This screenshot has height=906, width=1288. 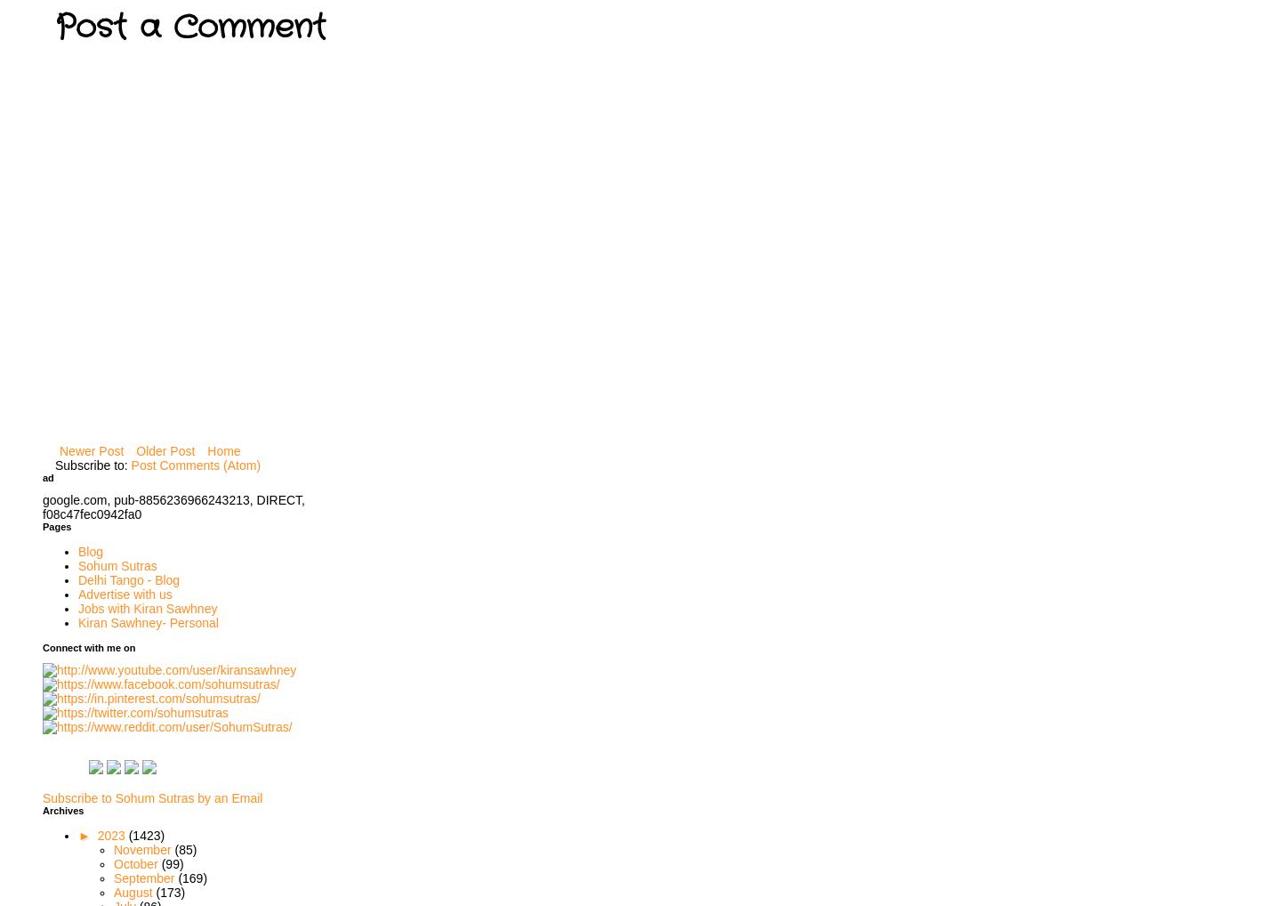 What do you see at coordinates (223, 450) in the screenshot?
I see `'Home'` at bounding box center [223, 450].